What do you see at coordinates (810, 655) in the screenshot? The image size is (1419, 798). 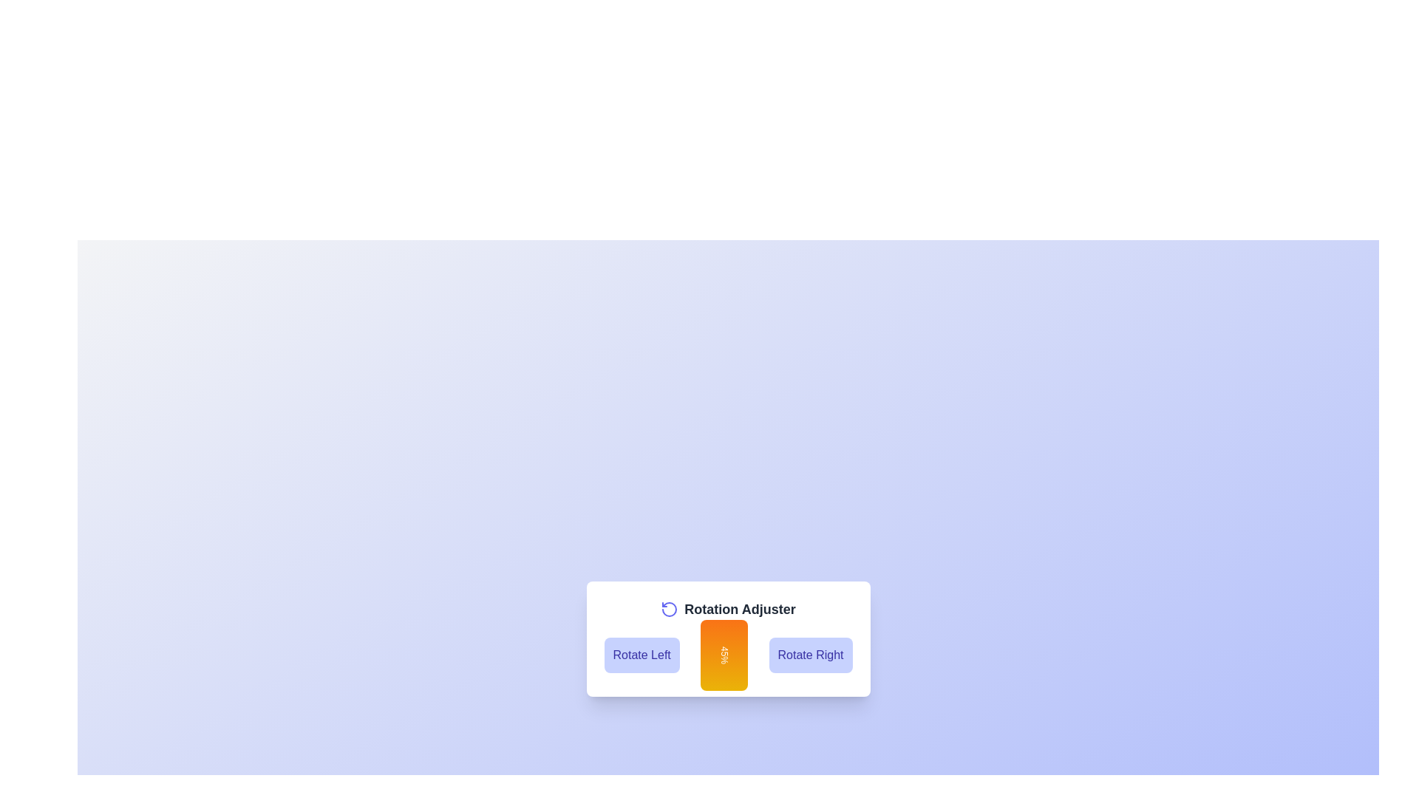 I see `the 'Rotate Right' button to increase the rotation` at bounding box center [810, 655].